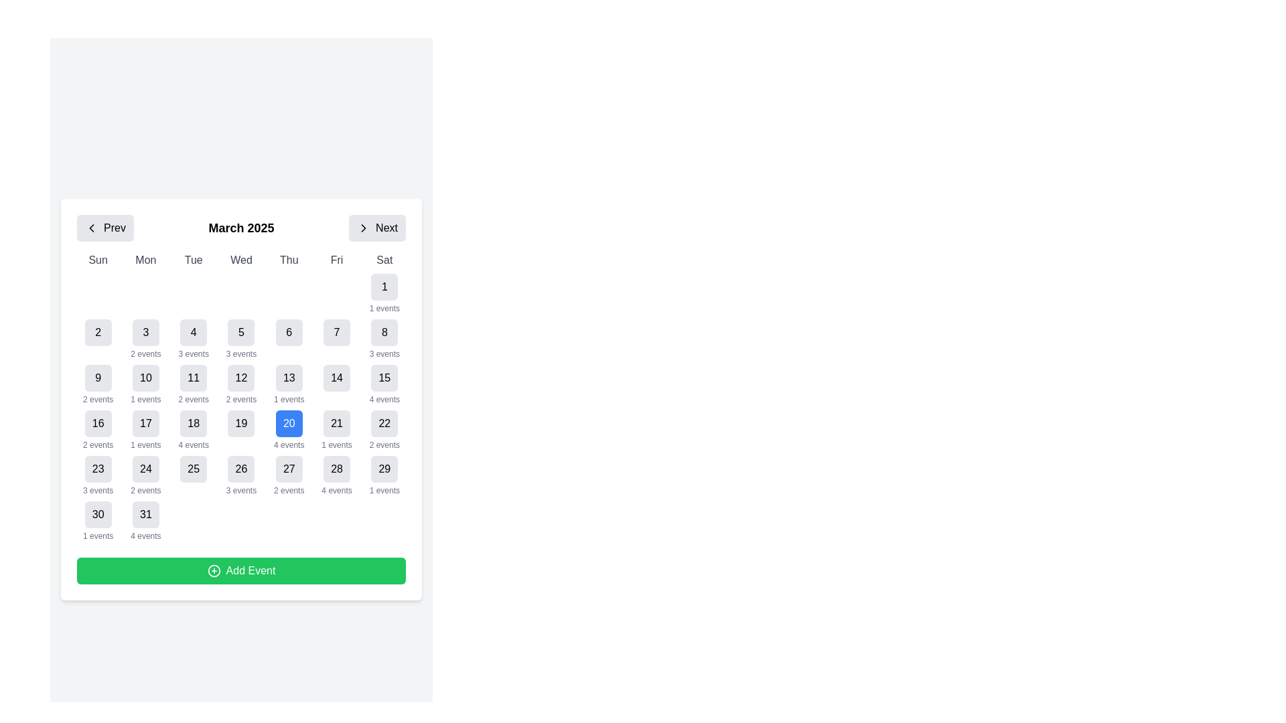  What do you see at coordinates (288, 293) in the screenshot?
I see `the graphical marker located` at bounding box center [288, 293].